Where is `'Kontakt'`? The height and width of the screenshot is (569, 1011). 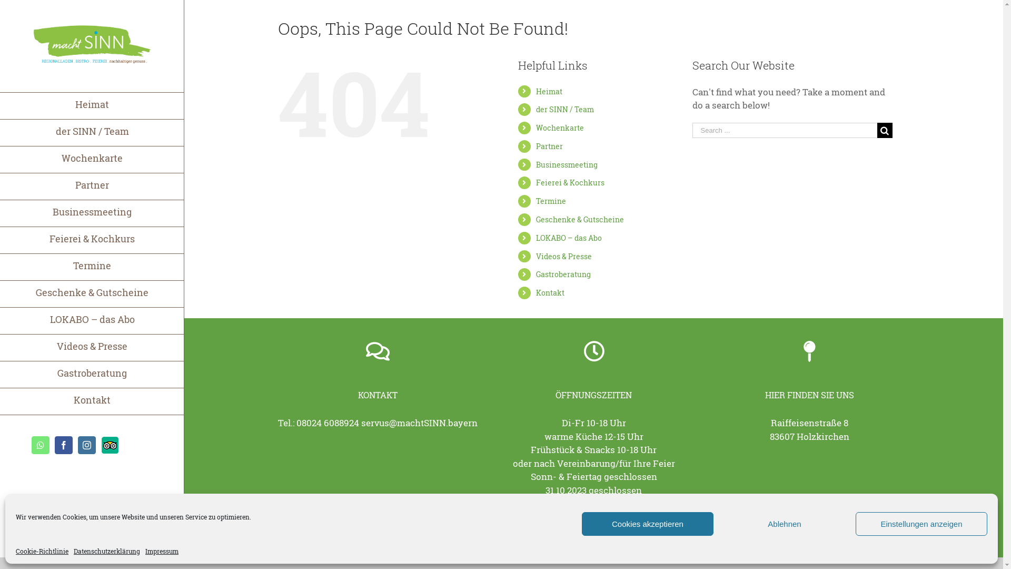
'Kontakt' is located at coordinates (536, 292).